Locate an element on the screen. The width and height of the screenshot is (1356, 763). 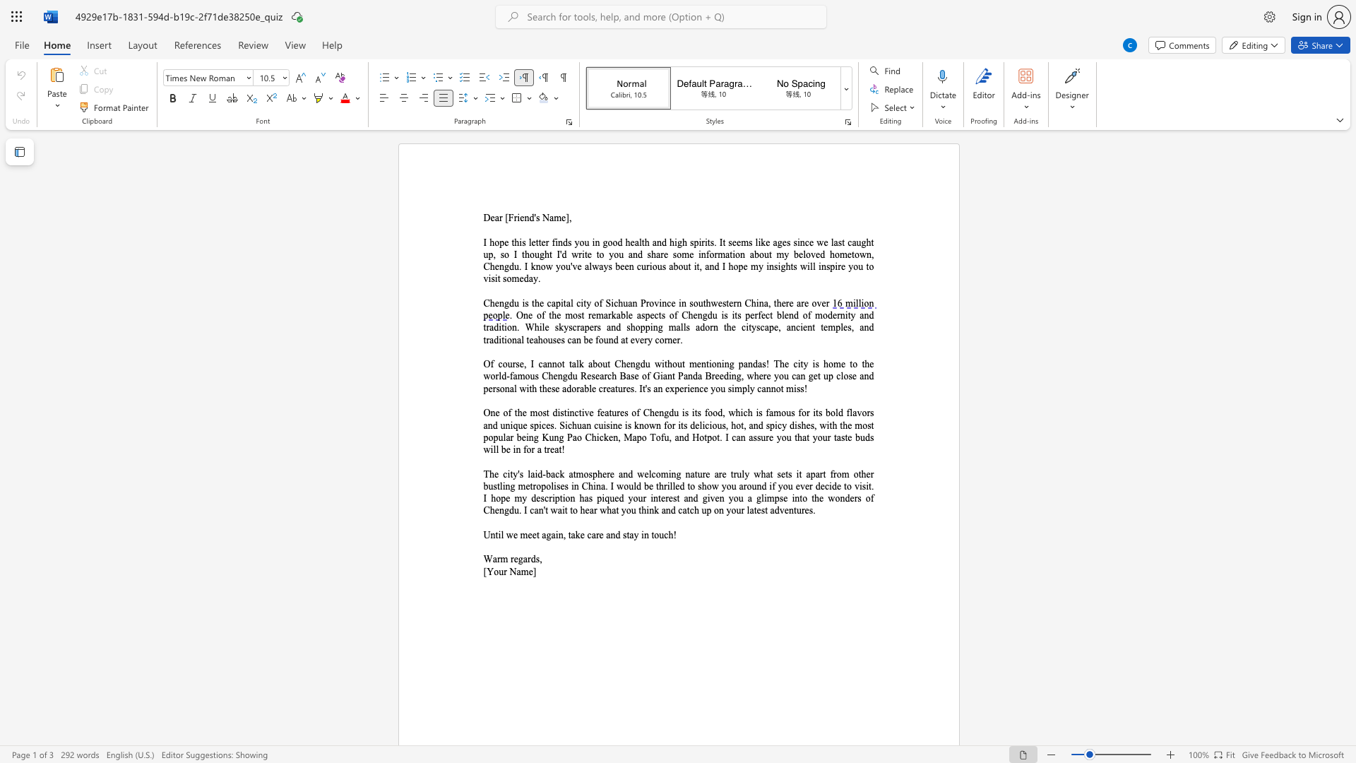
the space between the continuous character "k" and "n" in the text is located at coordinates (535, 266).